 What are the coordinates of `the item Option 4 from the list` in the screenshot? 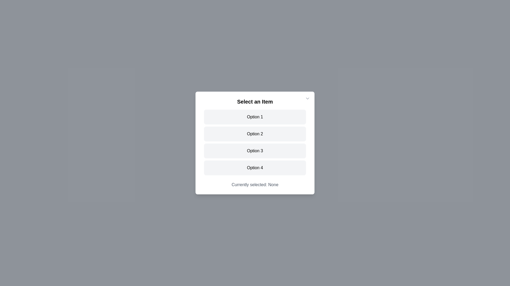 It's located at (255, 168).